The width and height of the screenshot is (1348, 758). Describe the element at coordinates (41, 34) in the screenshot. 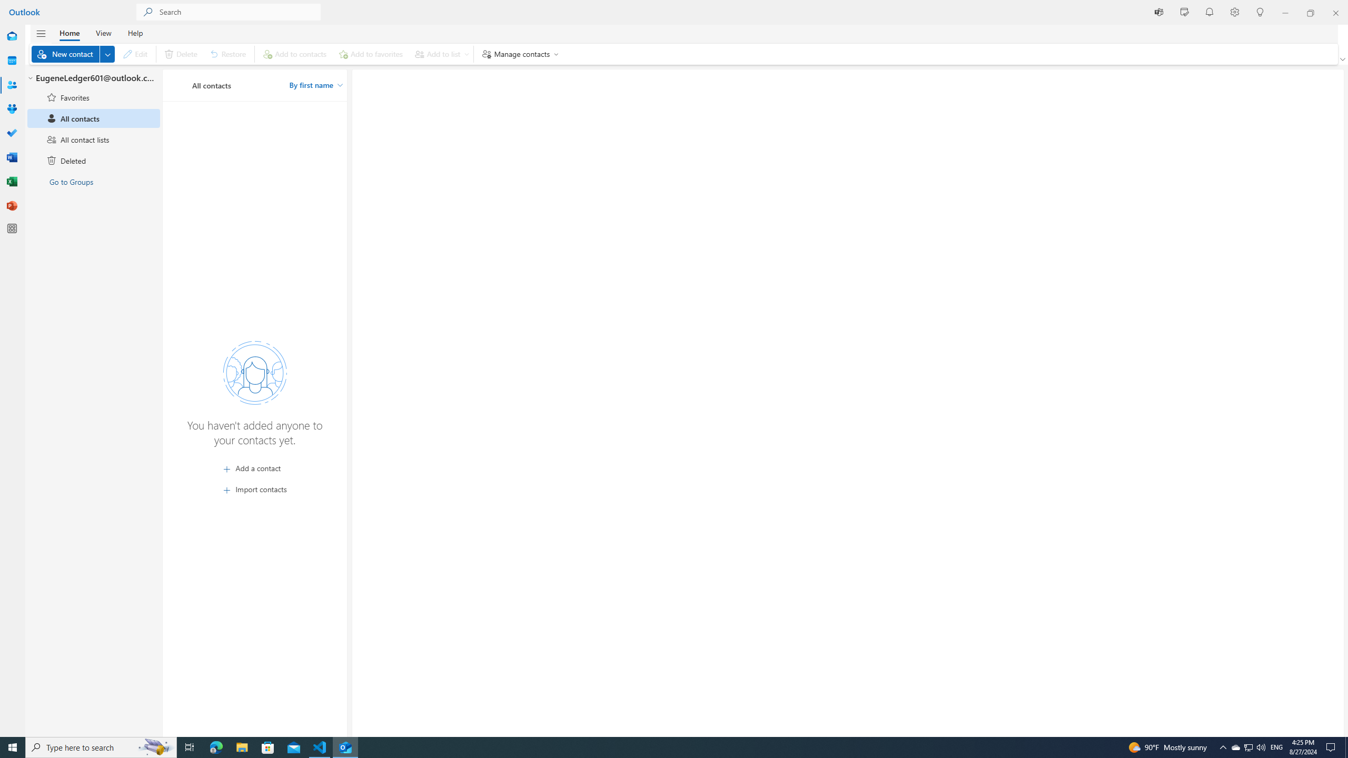

I see `'Hide navigation pane'` at that location.